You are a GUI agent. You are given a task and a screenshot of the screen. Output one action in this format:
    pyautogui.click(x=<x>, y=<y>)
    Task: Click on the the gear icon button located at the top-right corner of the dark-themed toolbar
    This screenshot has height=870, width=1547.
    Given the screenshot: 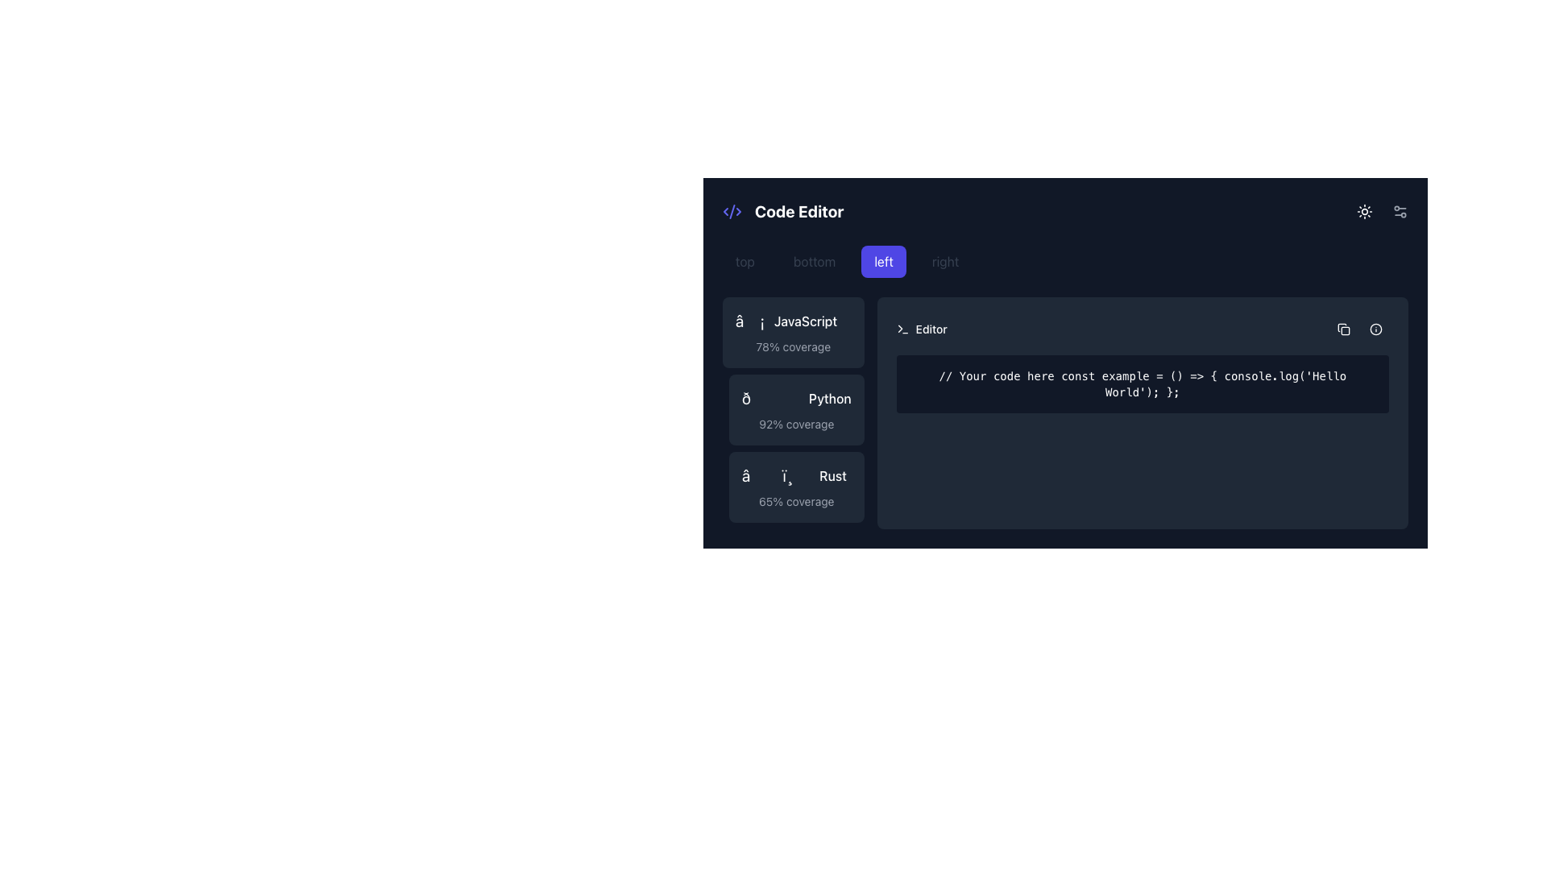 What is the action you would take?
    pyautogui.click(x=1399, y=210)
    